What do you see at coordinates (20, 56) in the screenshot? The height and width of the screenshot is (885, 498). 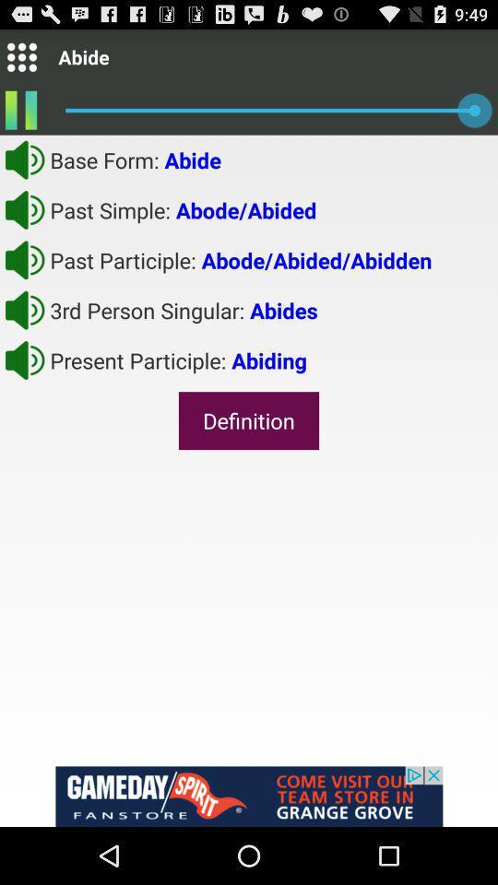 I see `icon option` at bounding box center [20, 56].